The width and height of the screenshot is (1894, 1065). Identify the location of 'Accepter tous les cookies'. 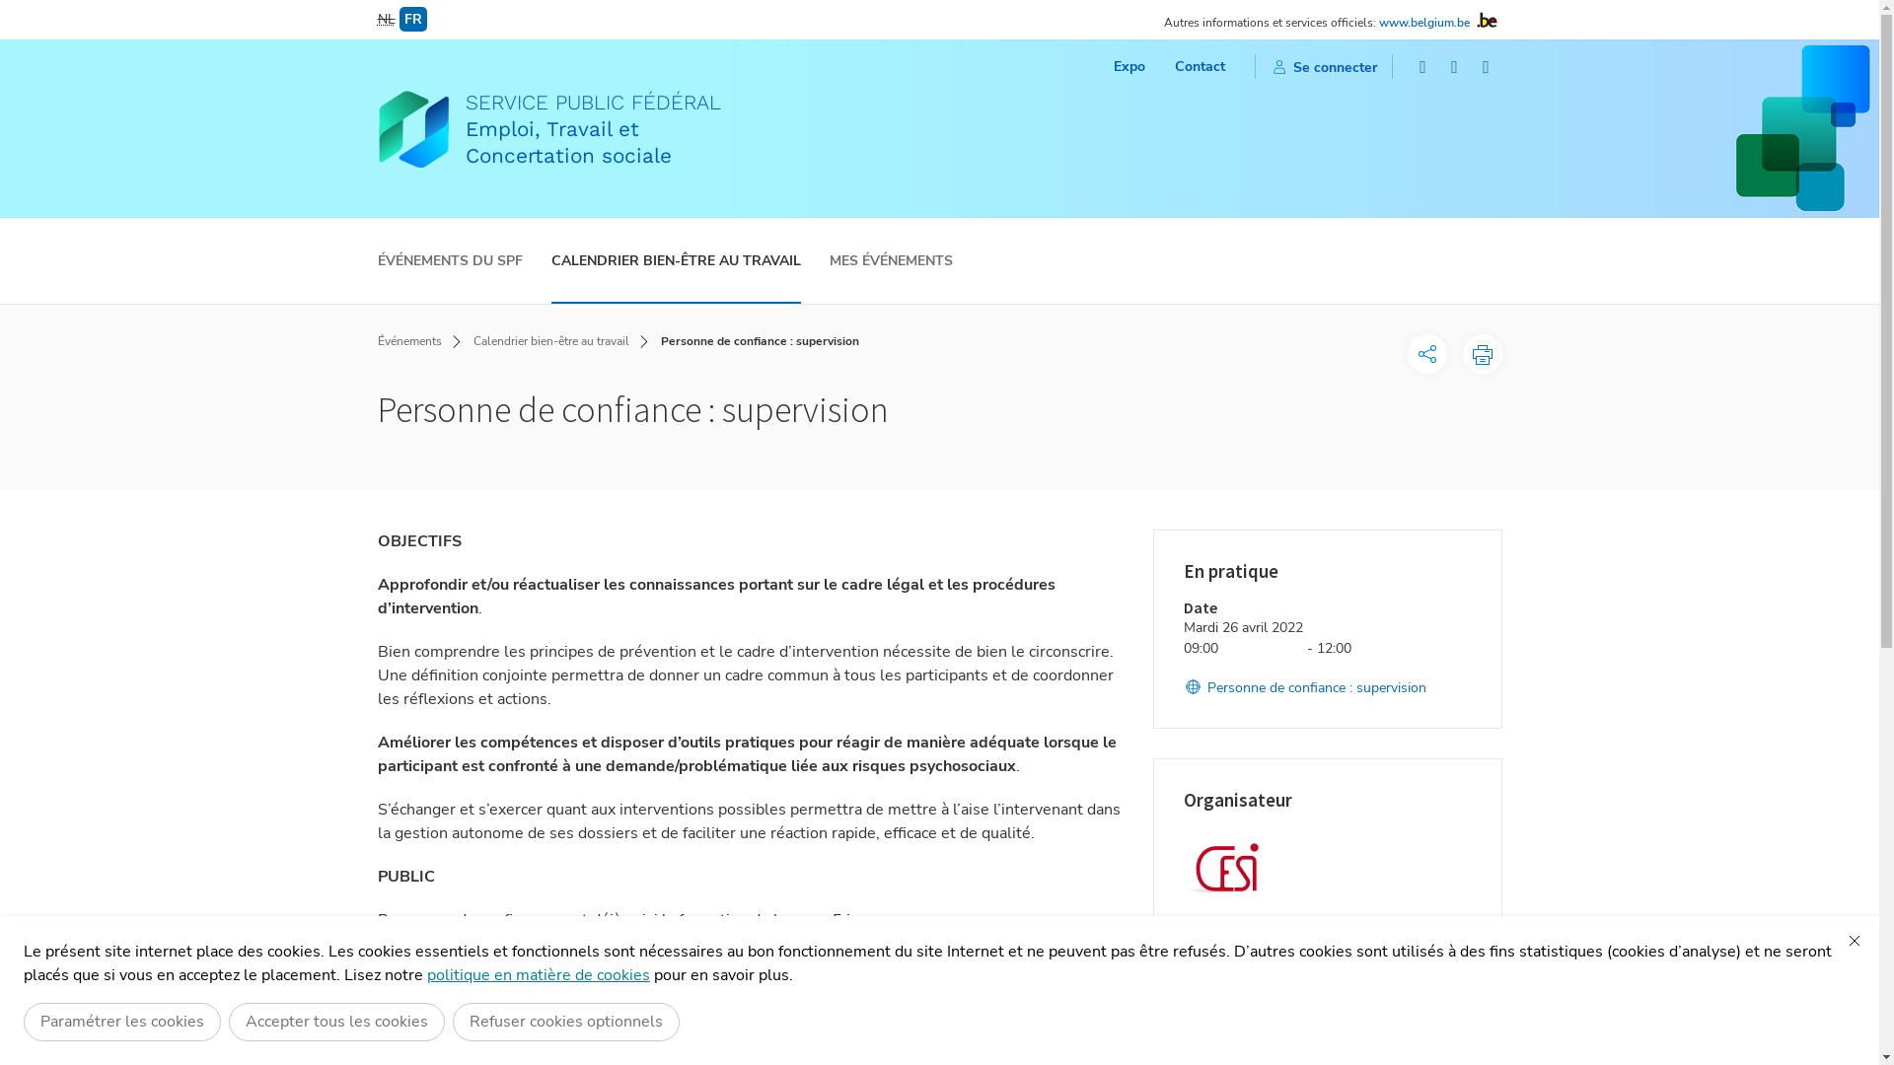
(336, 1021).